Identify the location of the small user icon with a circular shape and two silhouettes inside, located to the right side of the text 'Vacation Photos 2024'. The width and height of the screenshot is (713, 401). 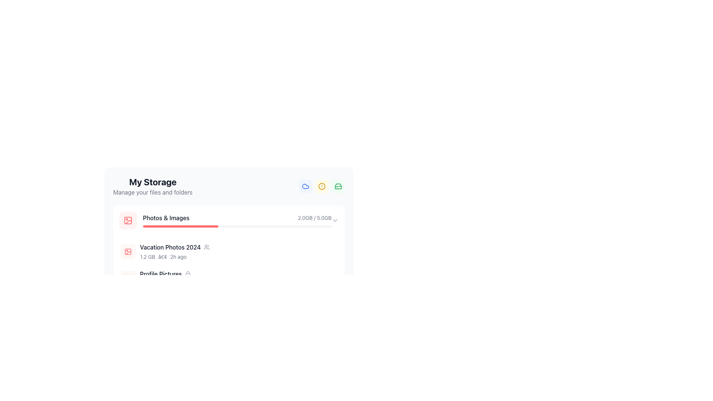
(206, 247).